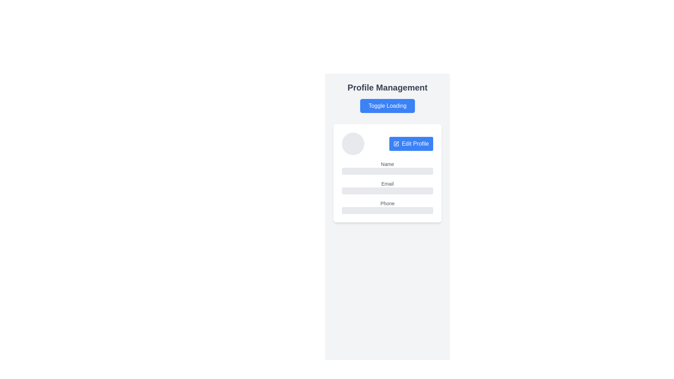  Describe the element at coordinates (415, 143) in the screenshot. I see `the Text Label that serves as a label for the button to edit profile information, located in the top-right corner of the profile card` at that location.